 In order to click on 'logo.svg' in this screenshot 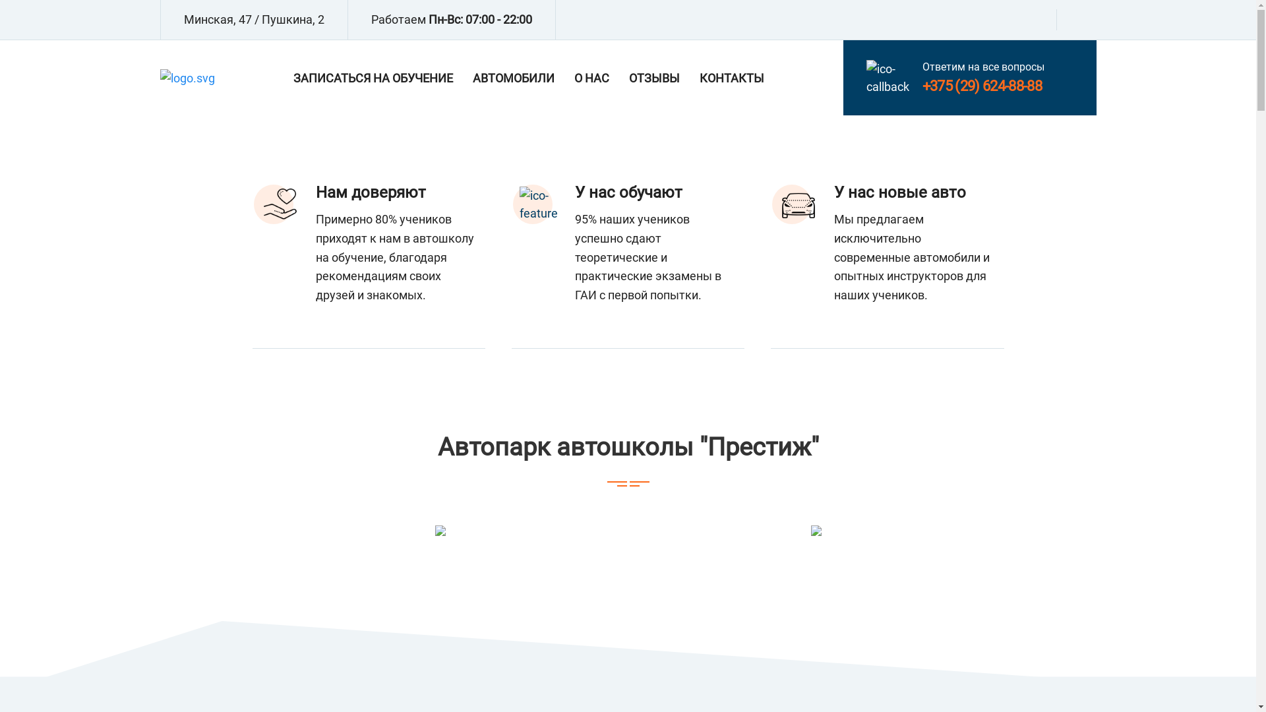, I will do `click(186, 78)`.